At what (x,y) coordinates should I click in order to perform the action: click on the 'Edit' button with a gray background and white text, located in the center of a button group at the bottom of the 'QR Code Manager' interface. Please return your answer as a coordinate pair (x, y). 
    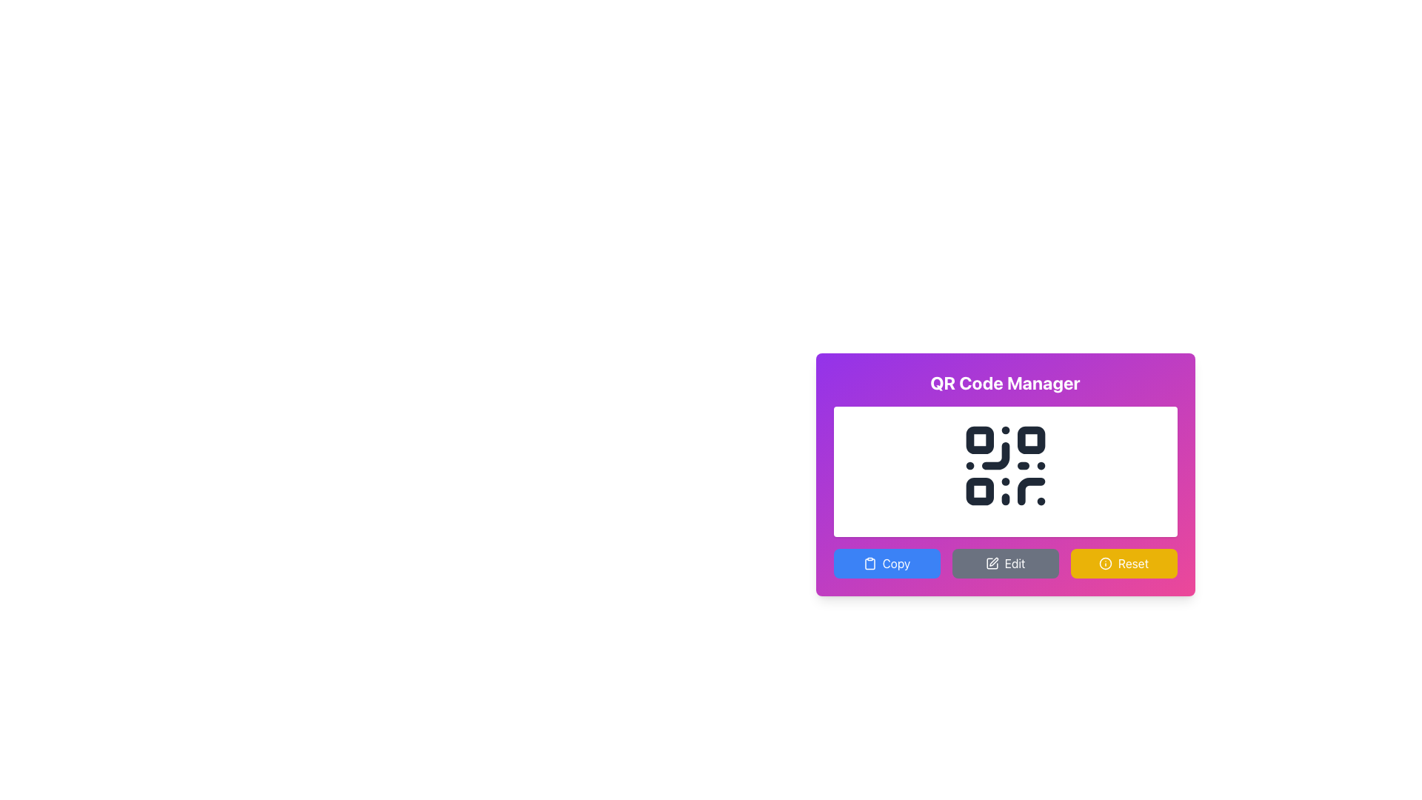
    Looking at the image, I should click on (1005, 563).